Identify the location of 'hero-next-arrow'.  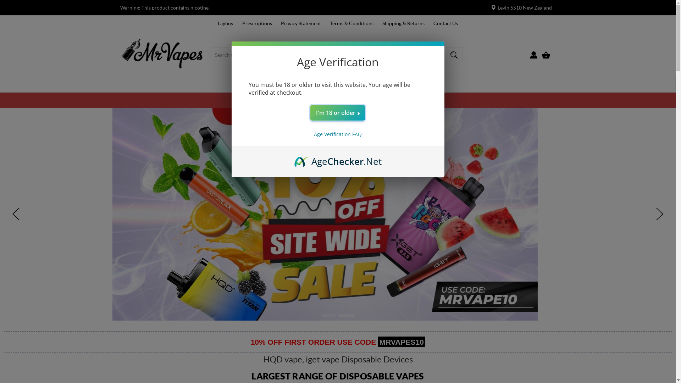
(659, 214).